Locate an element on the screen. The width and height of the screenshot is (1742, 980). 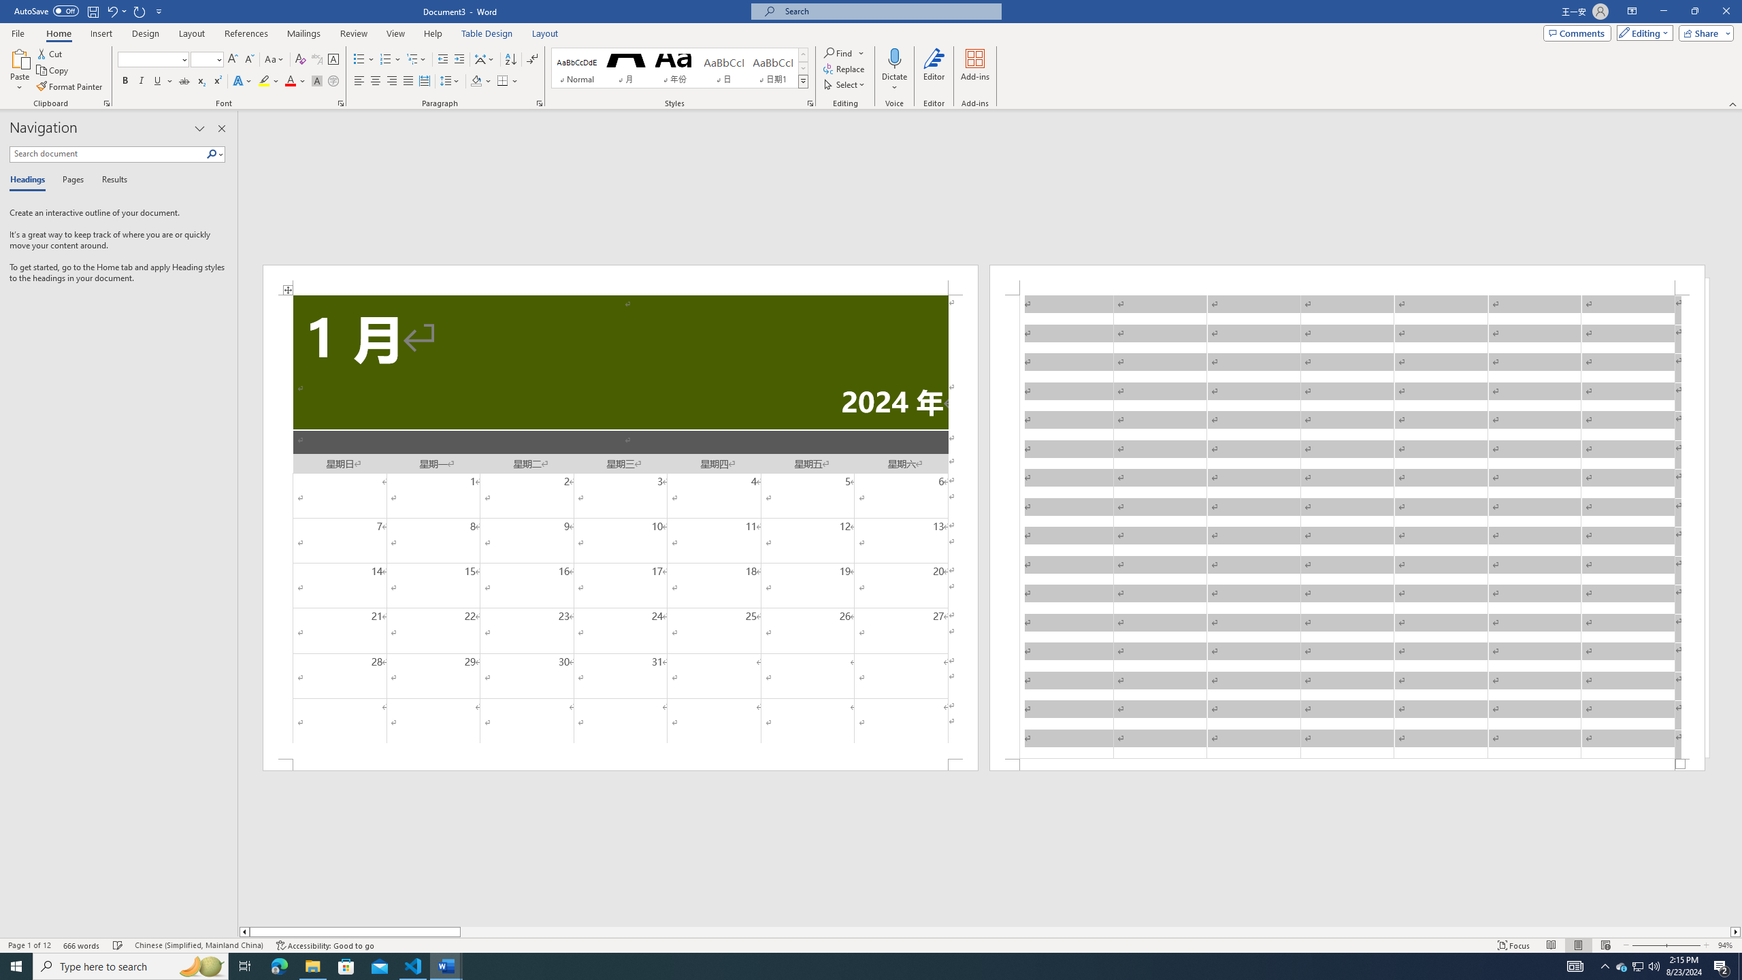
'Undo Grow Font' is located at coordinates (116, 10).